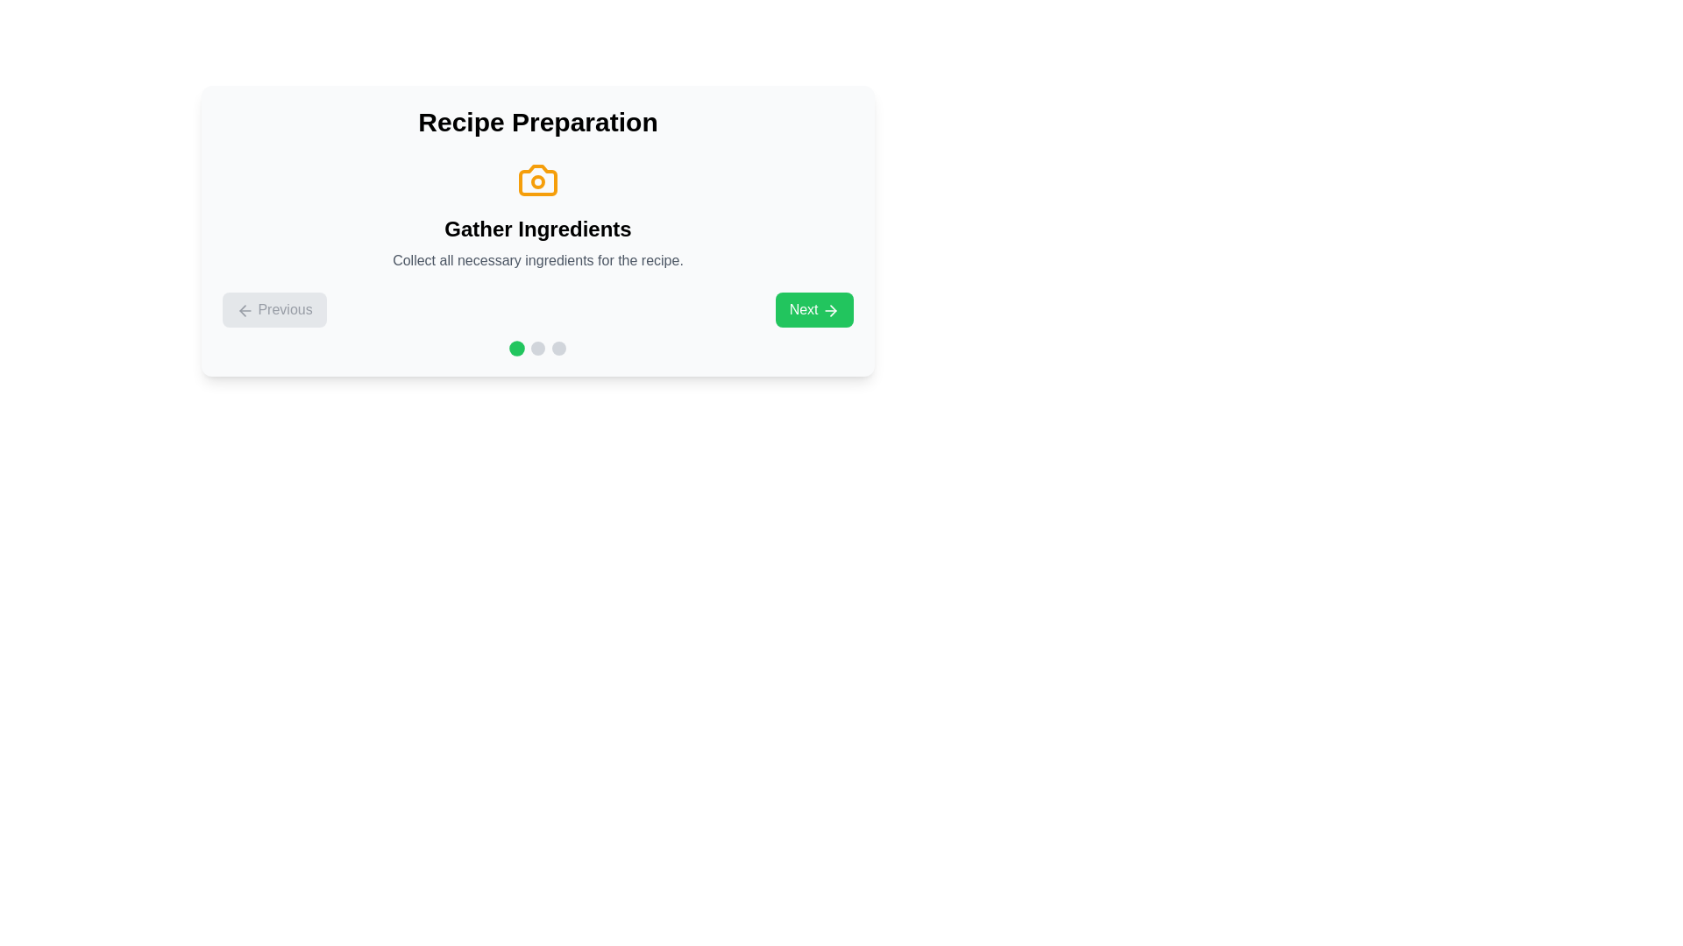 The height and width of the screenshot is (946, 1683). What do you see at coordinates (537, 348) in the screenshot?
I see `the unselected circular page indicator with a gray background, which is the second in a series of three indicators at the bottom center of the page` at bounding box center [537, 348].